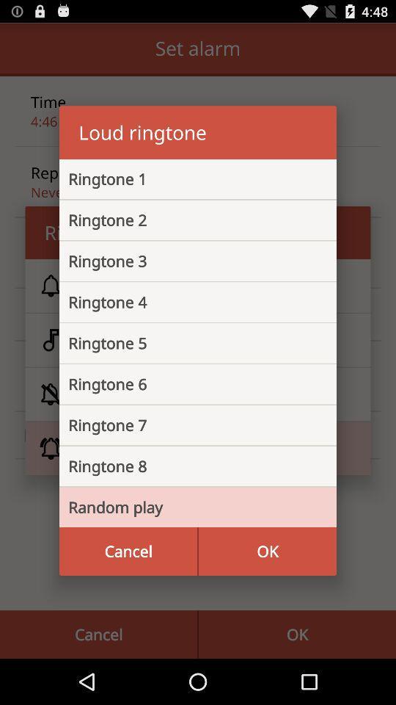 This screenshot has width=396, height=705. What do you see at coordinates (186, 383) in the screenshot?
I see `the icon above ringtone 7 item` at bounding box center [186, 383].